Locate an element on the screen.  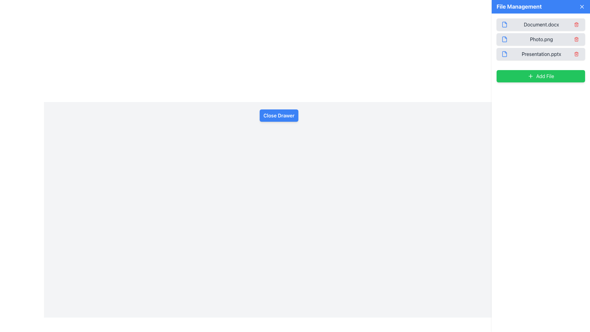
the delete button for the file 'Presentation.pptx' is located at coordinates (576, 54).